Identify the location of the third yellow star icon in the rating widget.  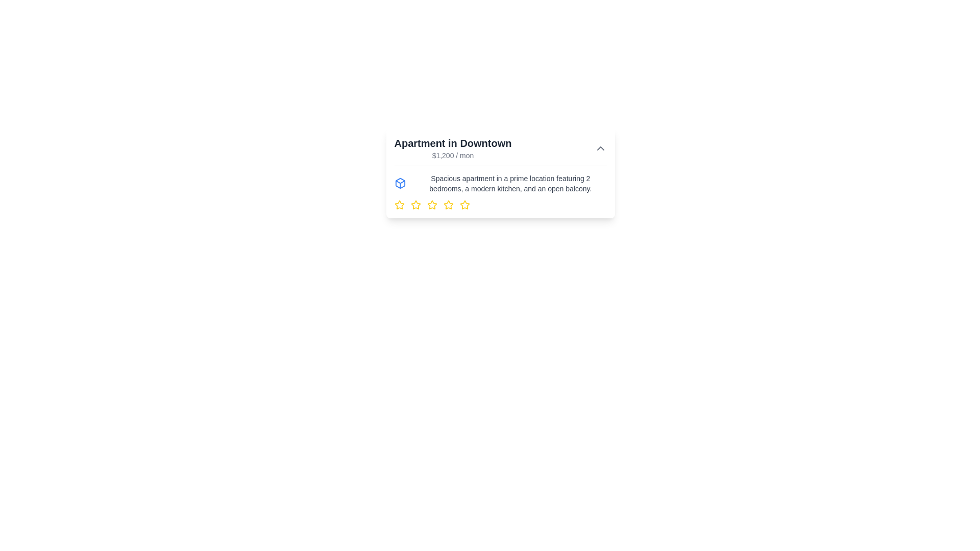
(464, 205).